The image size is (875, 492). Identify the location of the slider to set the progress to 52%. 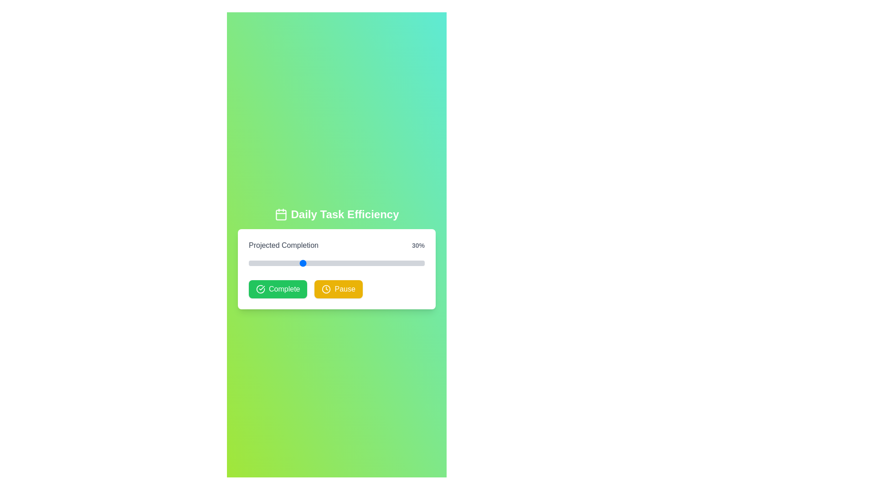
(340, 263).